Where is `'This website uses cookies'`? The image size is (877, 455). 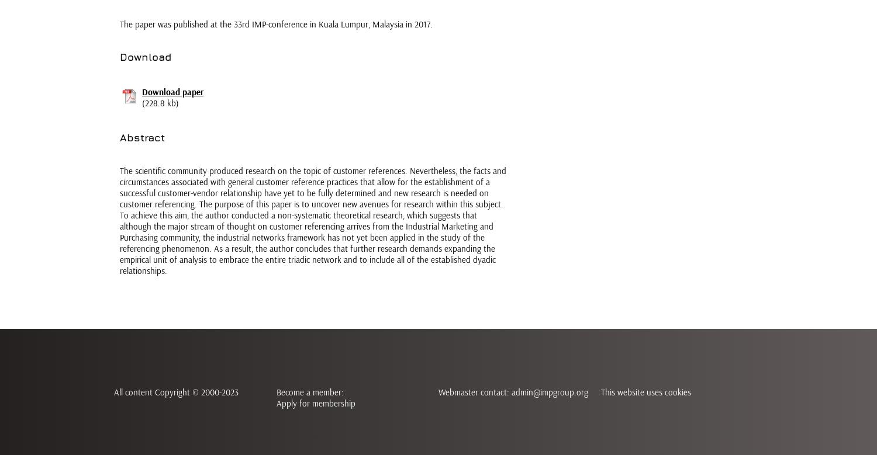
'This website uses cookies' is located at coordinates (645, 392).